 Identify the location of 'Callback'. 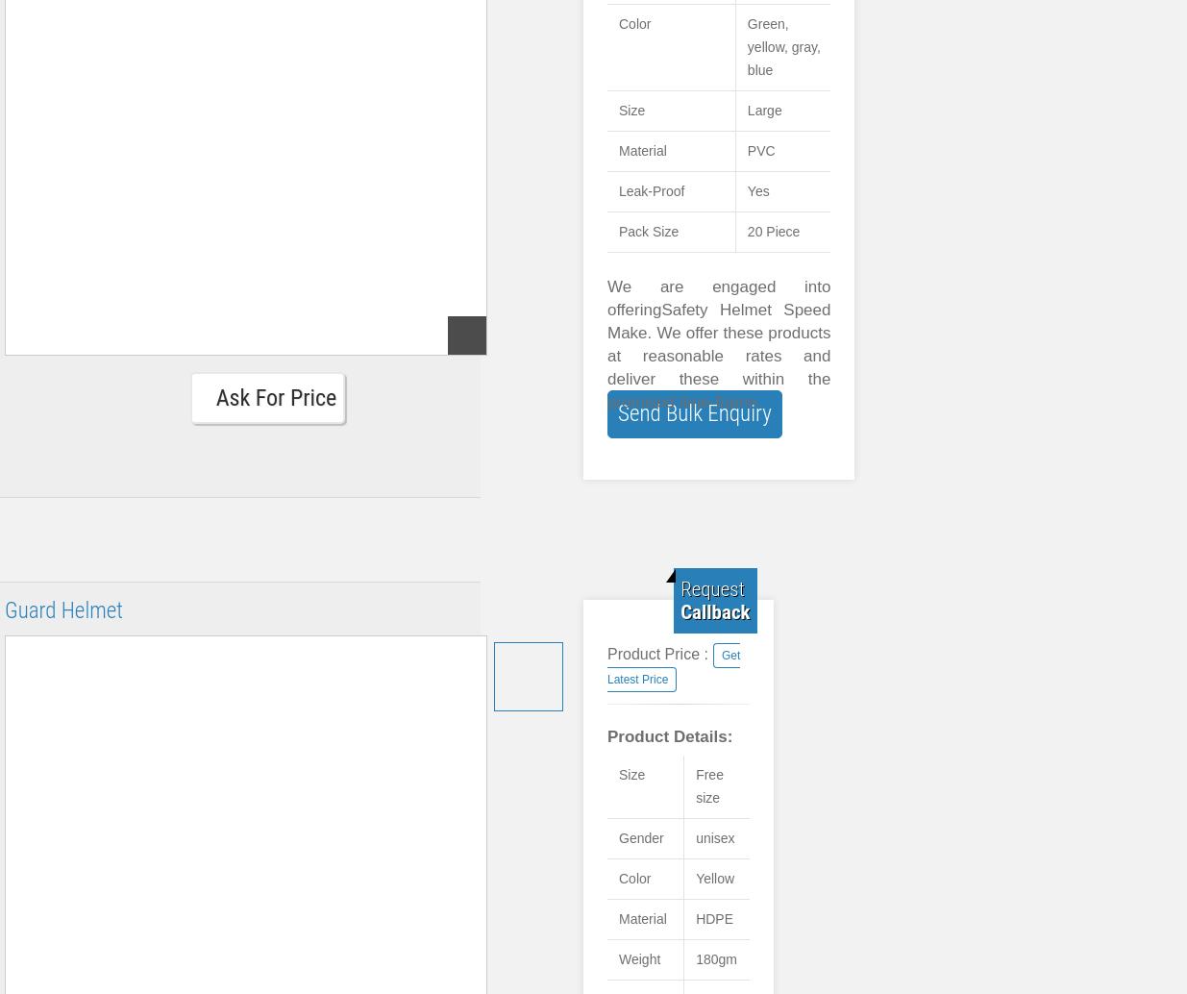
(714, 612).